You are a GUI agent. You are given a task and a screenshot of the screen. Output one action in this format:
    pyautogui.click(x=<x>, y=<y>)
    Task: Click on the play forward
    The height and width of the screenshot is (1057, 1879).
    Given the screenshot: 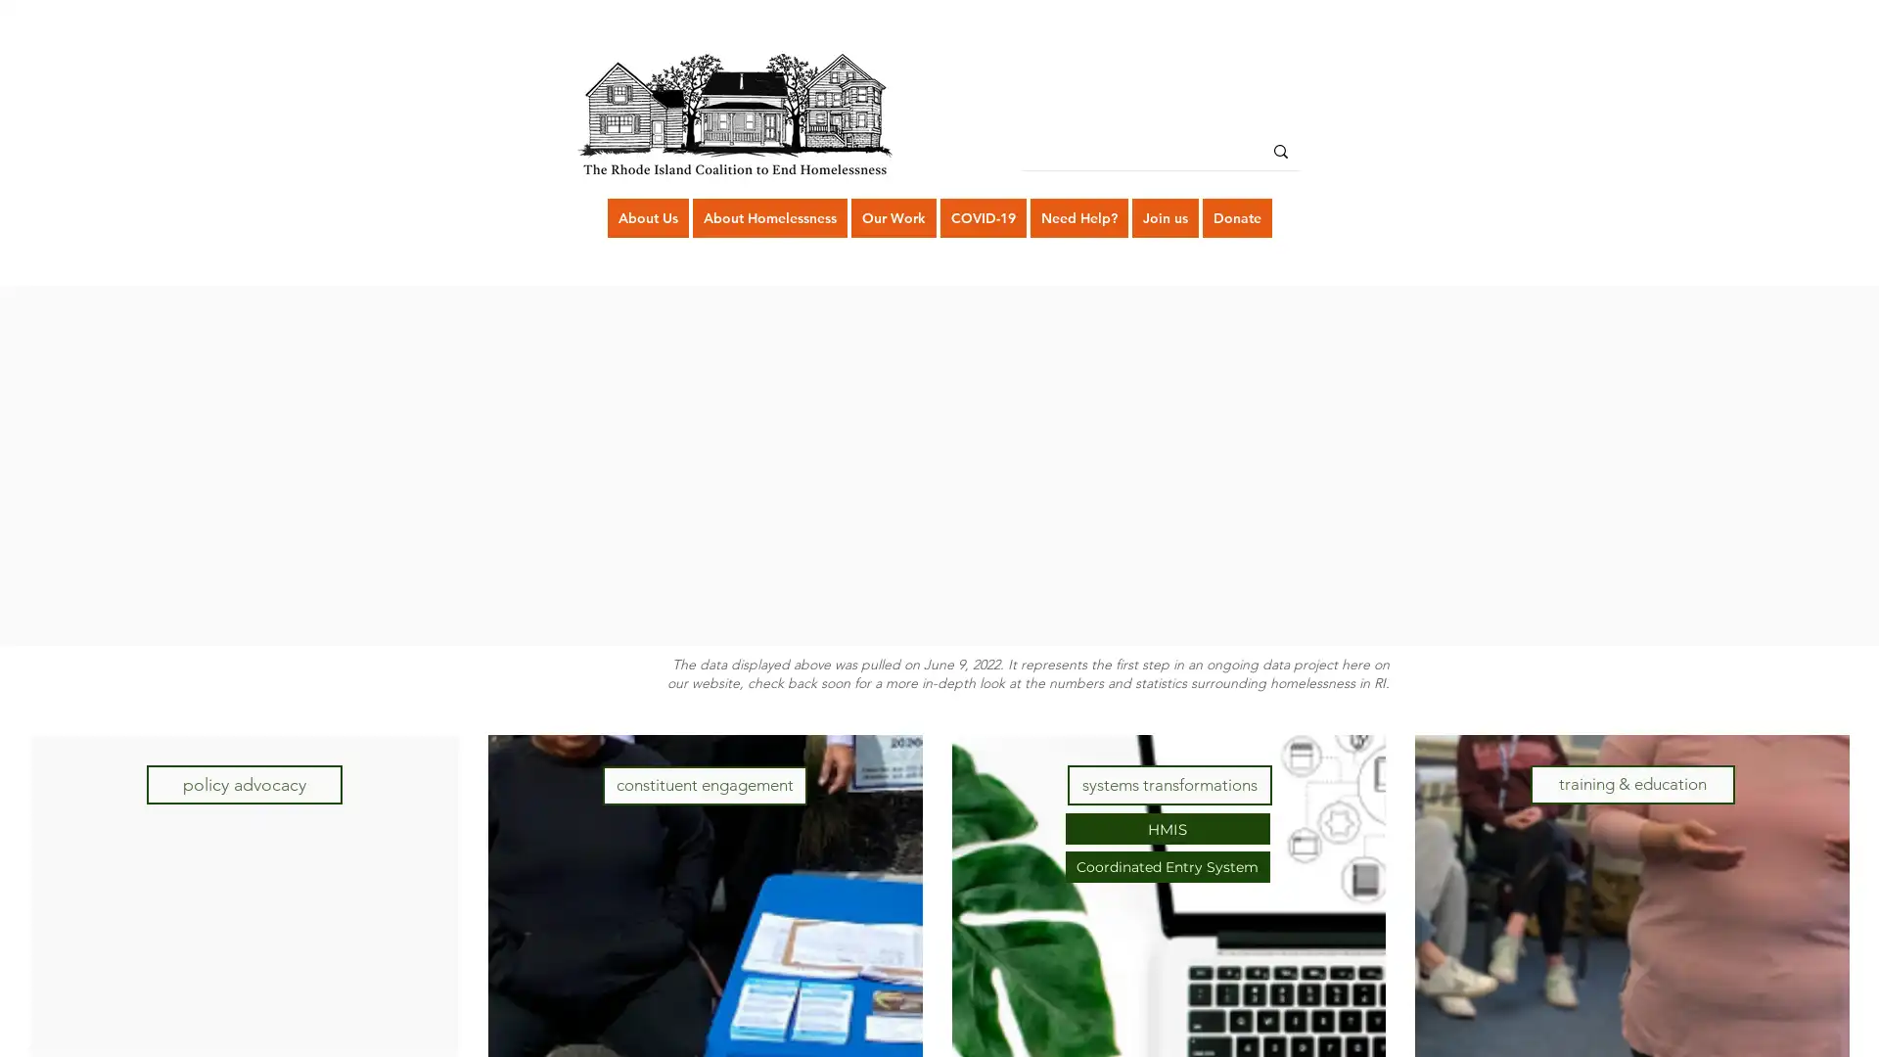 What is the action you would take?
    pyautogui.click(x=1400, y=465)
    